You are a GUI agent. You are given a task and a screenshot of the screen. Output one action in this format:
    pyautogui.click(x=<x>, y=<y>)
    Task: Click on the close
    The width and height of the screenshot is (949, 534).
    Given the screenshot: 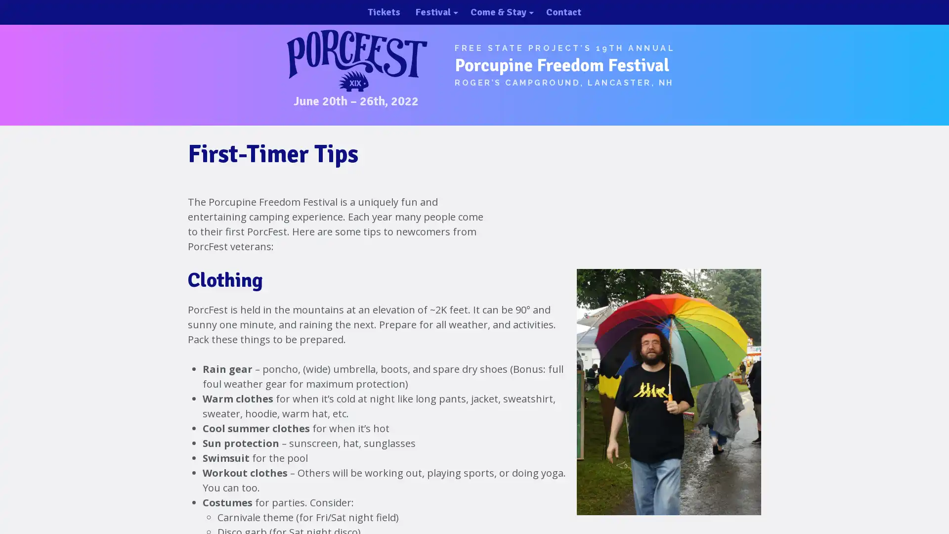 What is the action you would take?
    pyautogui.click(x=917, y=40)
    